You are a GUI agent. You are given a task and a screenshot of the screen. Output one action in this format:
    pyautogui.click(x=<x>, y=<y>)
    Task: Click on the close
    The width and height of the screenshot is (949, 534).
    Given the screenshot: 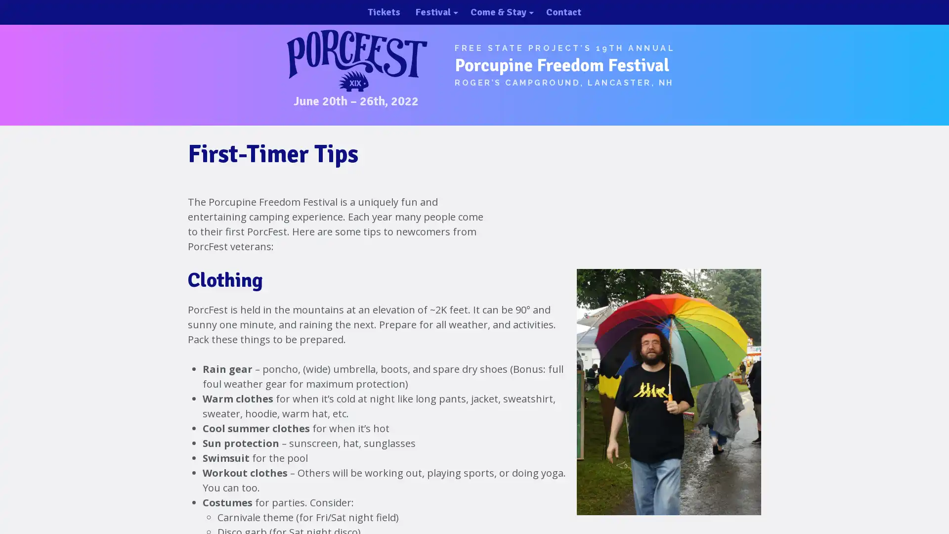 What is the action you would take?
    pyautogui.click(x=917, y=40)
    